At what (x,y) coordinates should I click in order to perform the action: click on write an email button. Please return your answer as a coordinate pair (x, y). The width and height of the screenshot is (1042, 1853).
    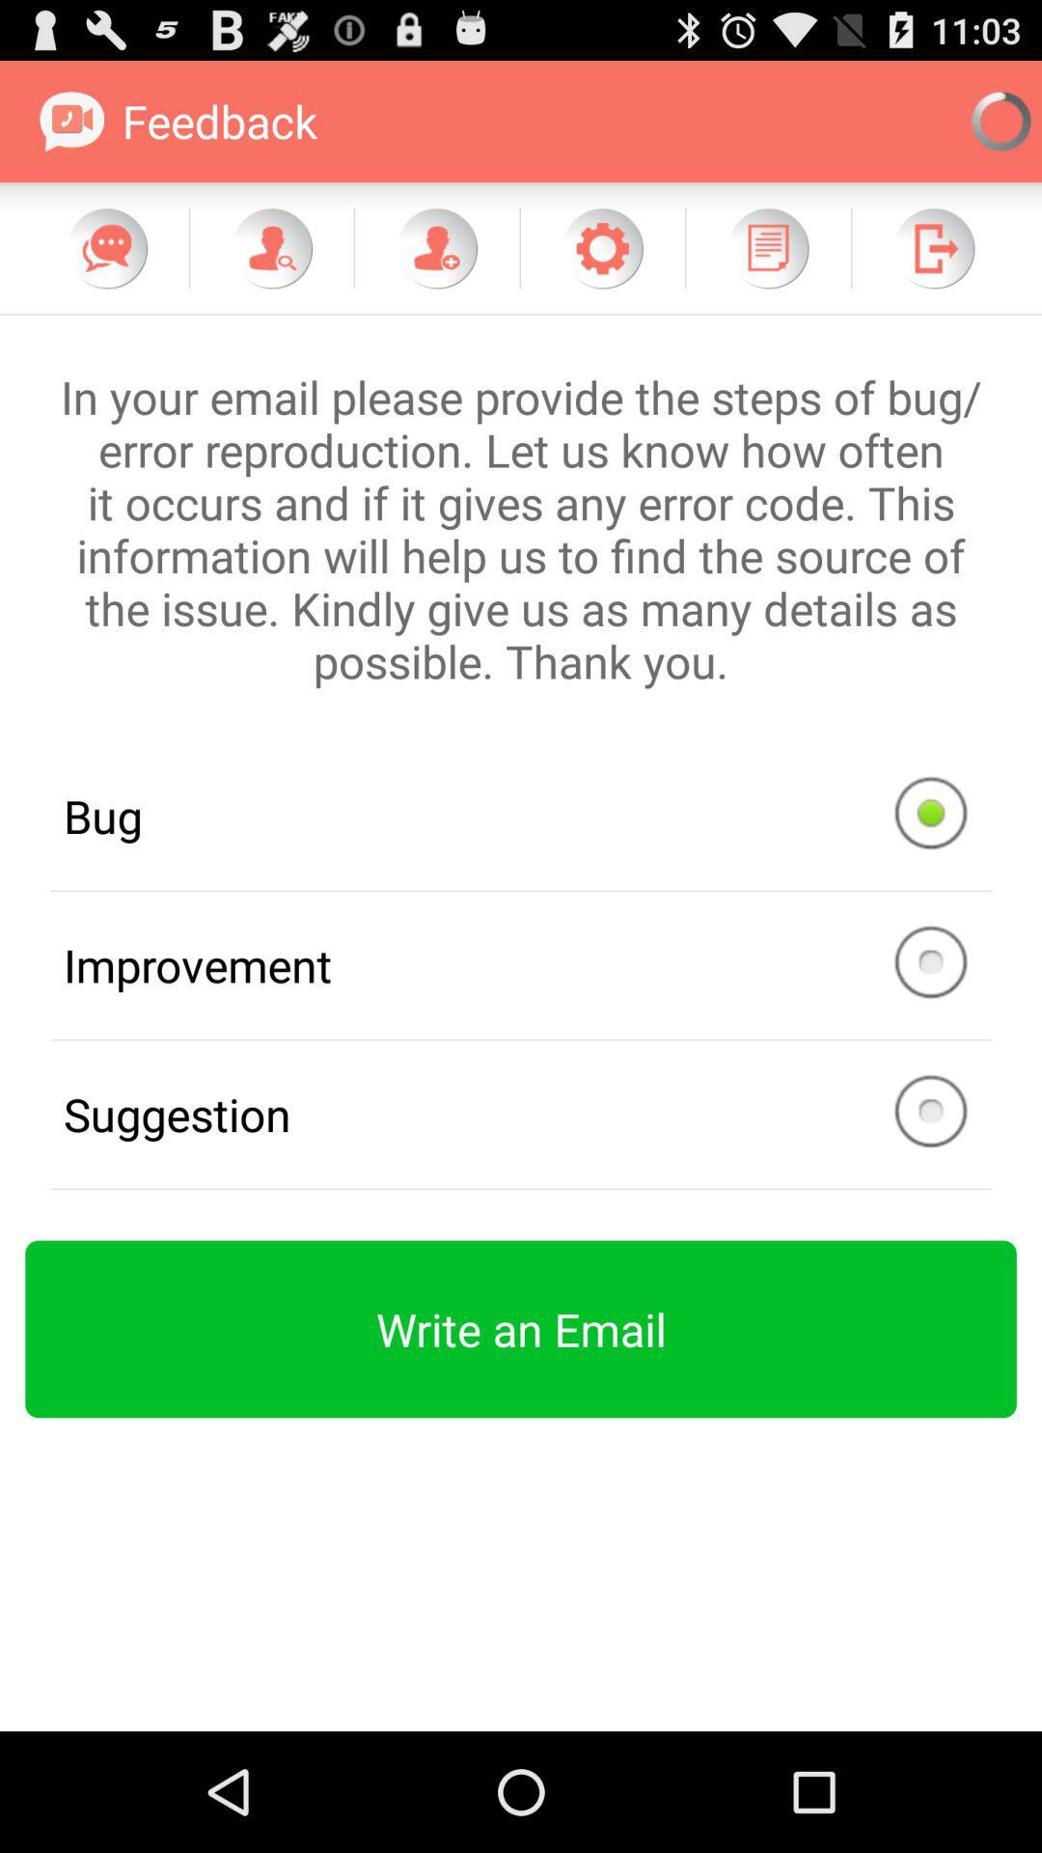
    Looking at the image, I should click on (521, 1328).